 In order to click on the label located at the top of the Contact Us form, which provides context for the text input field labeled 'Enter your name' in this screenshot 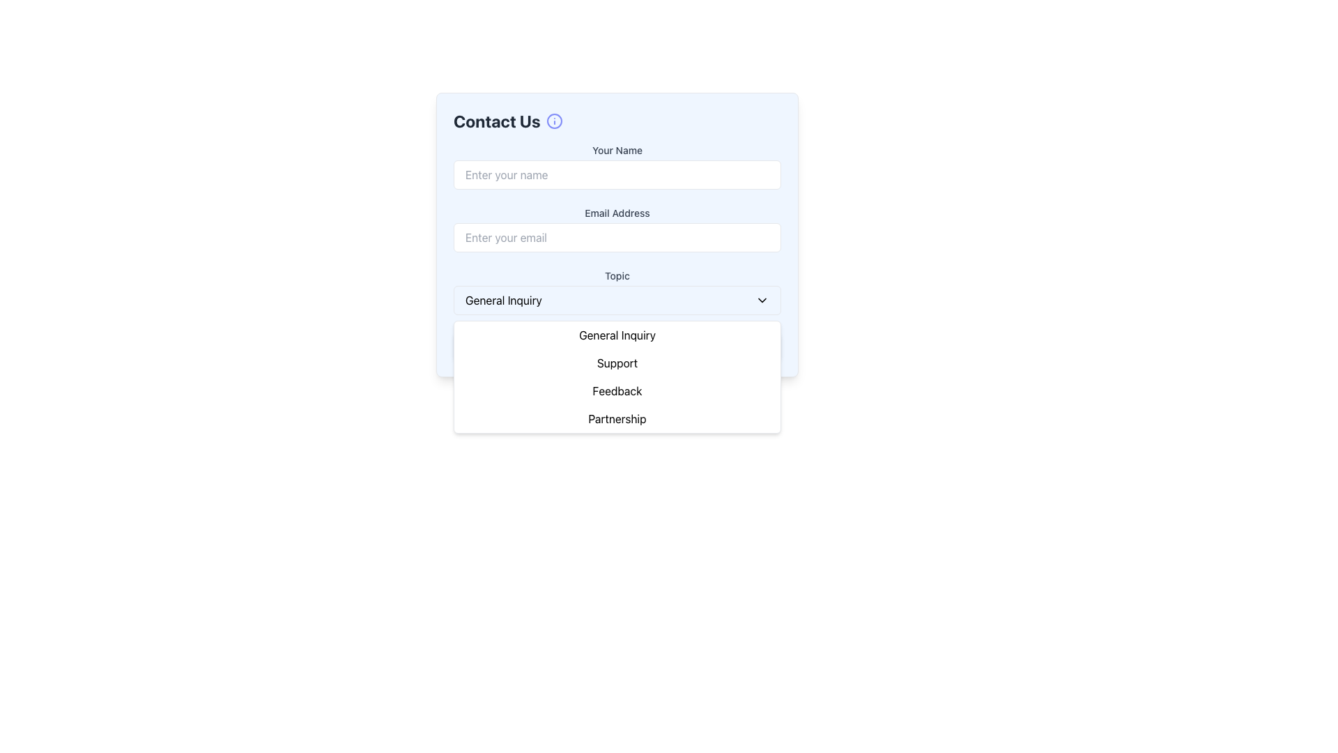, I will do `click(617, 151)`.